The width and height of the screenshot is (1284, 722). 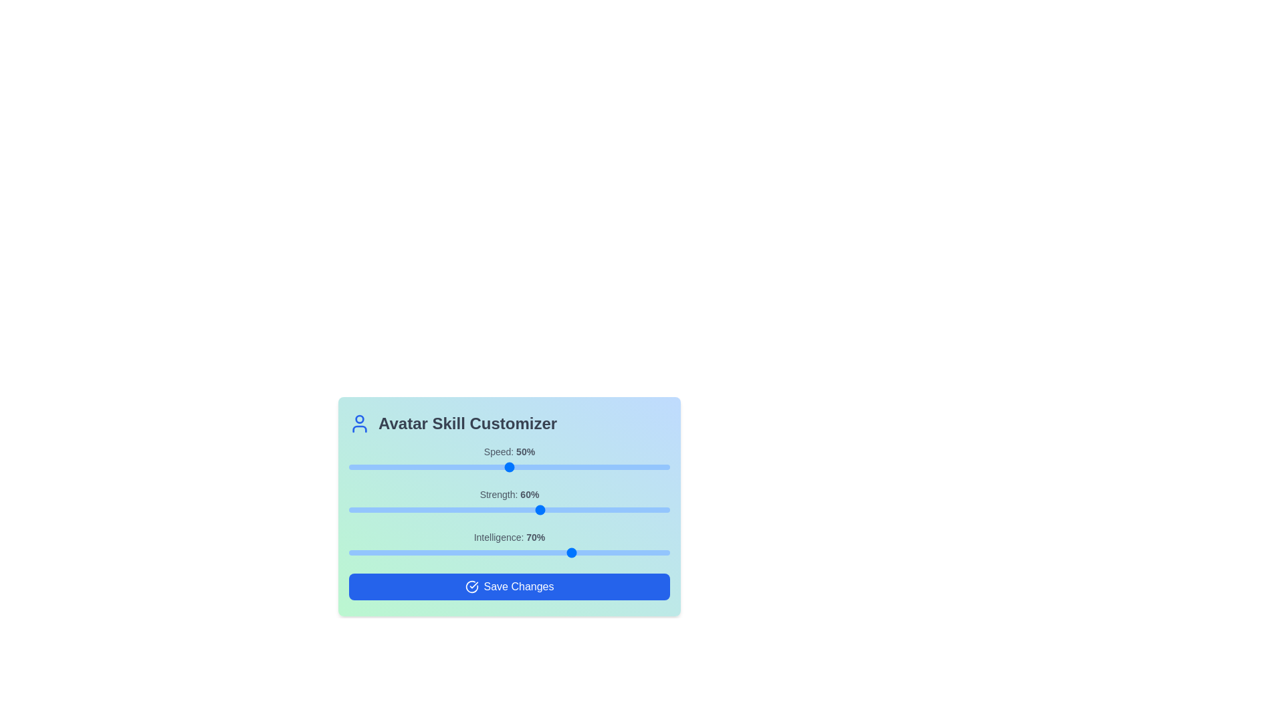 What do you see at coordinates (509, 586) in the screenshot?
I see `the save button located at the bottom of the panel, which is directly below the sliders for Speed, Strength, and Intelligence` at bounding box center [509, 586].